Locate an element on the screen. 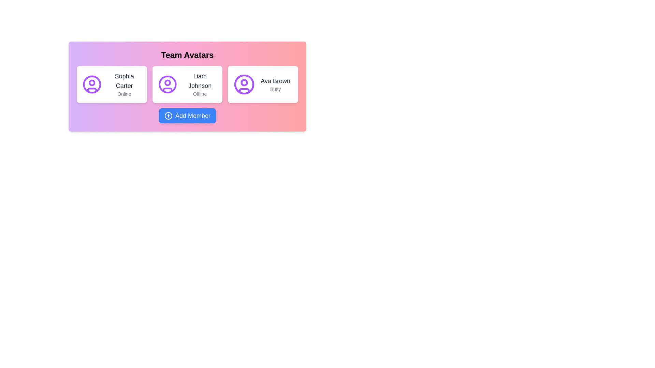  the text label displaying the user's name, which is located at the top-right corner of the user cards row, above the 'Busy' label is located at coordinates (275, 81).